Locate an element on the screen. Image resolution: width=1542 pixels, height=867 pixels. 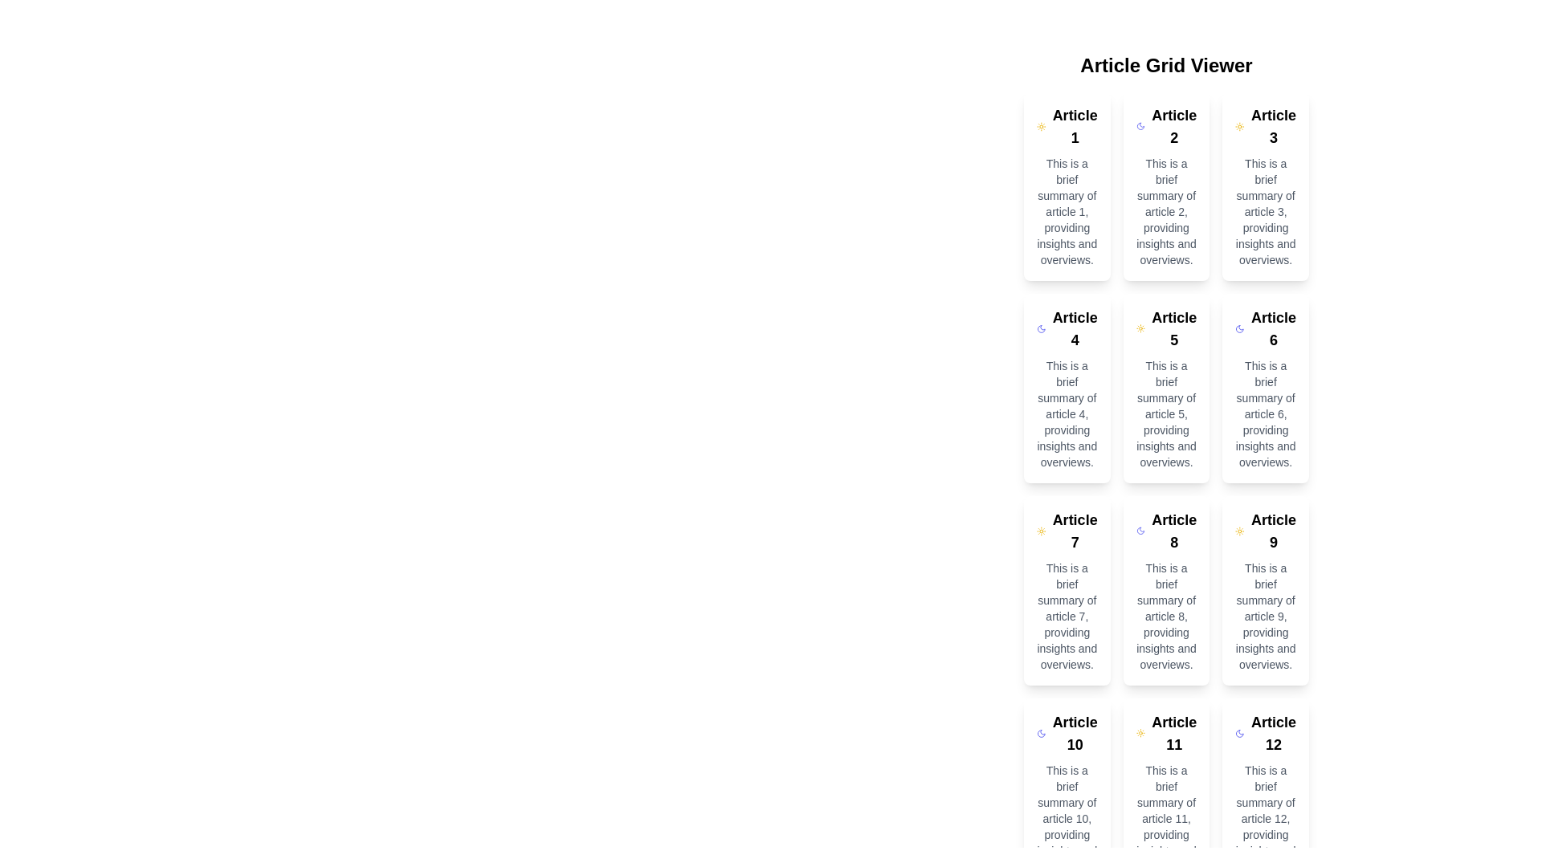
the text label that serves as the title for 'Article 8', which is located in the second row and second column of the article grid is located at coordinates (1174, 531).